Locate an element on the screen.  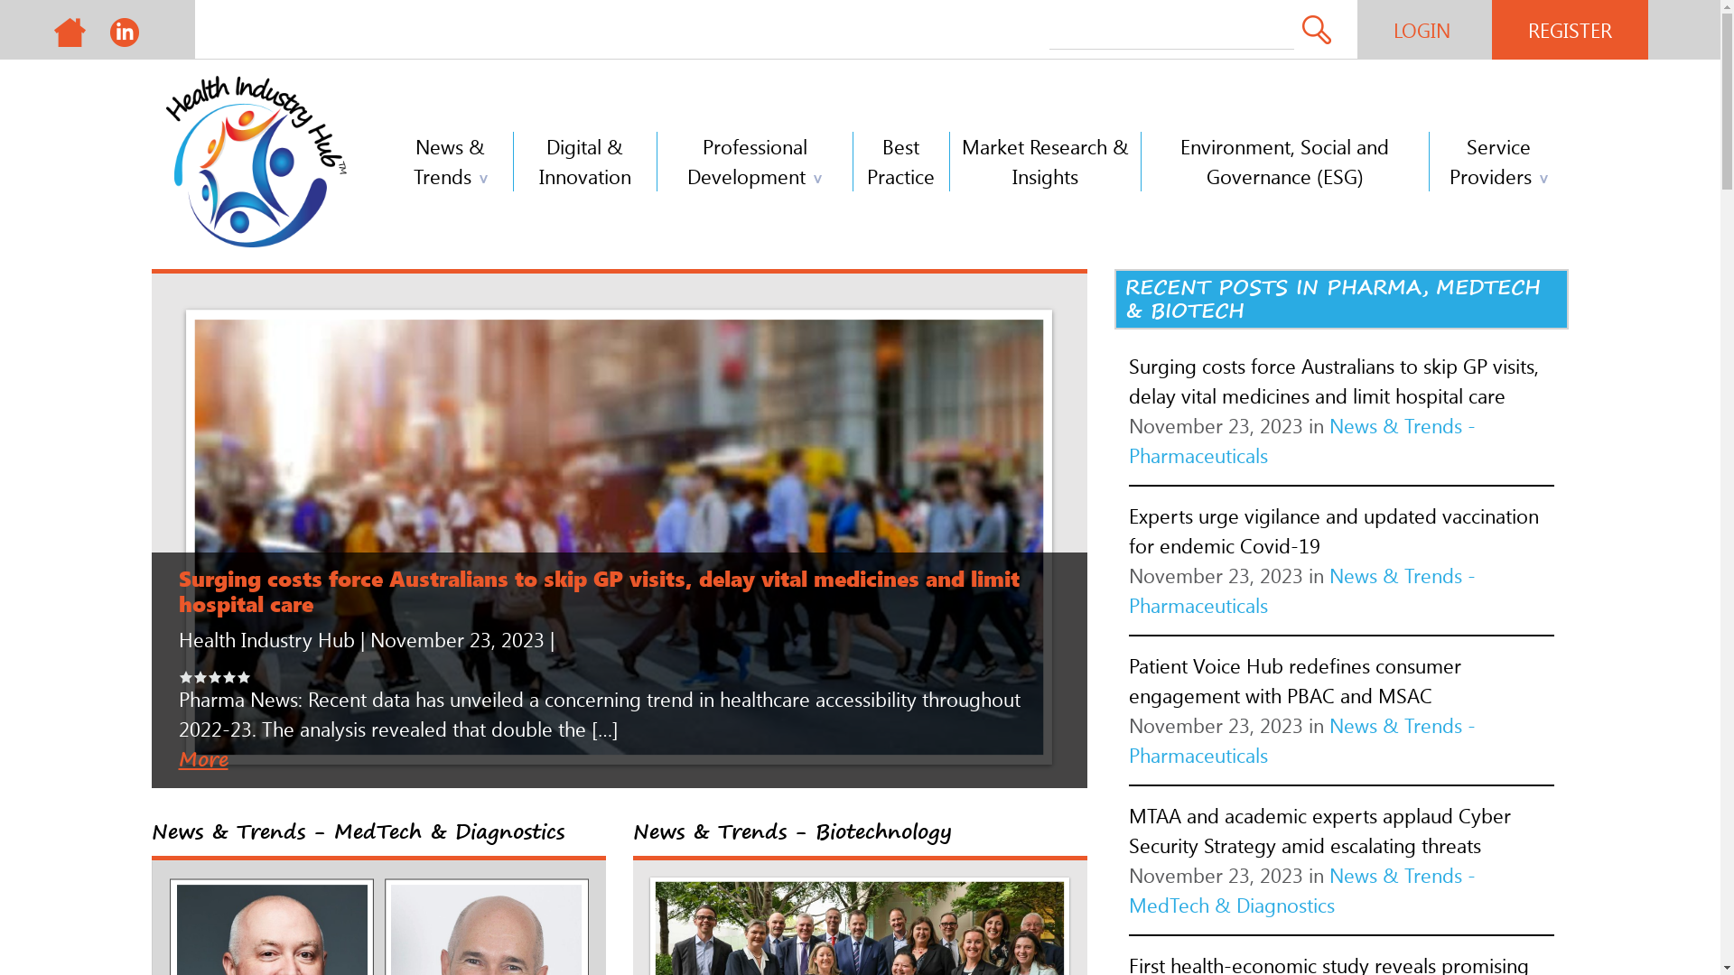
'More' is located at coordinates (203, 758).